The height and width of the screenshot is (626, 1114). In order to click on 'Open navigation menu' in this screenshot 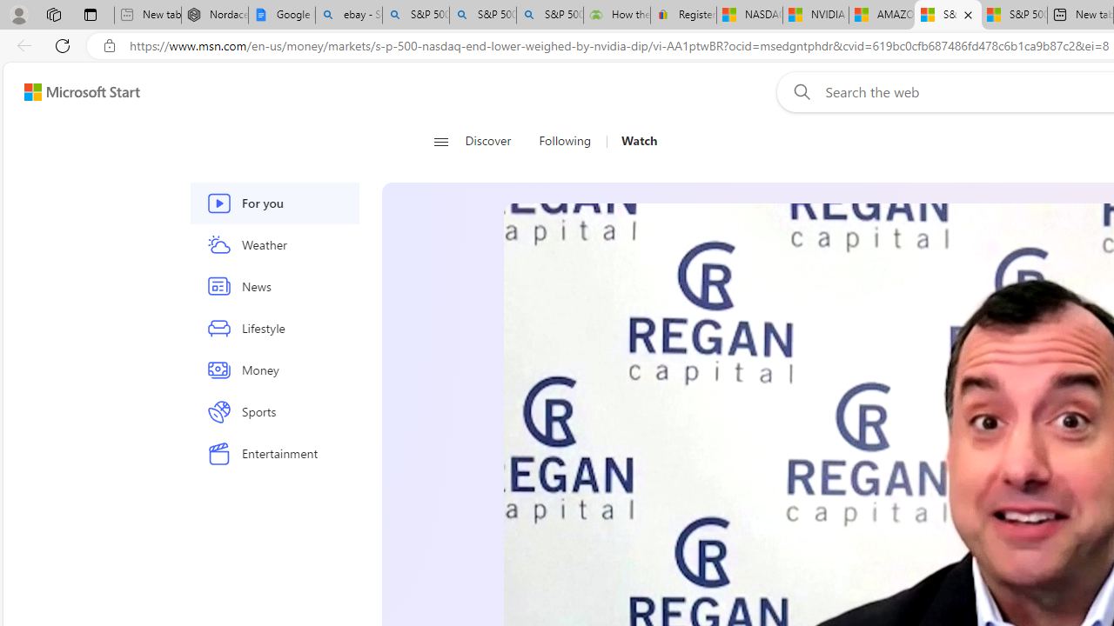, I will do `click(440, 141)`.